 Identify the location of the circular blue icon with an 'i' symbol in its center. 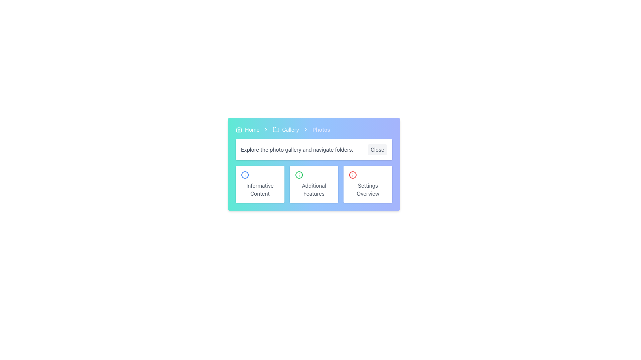
(245, 174).